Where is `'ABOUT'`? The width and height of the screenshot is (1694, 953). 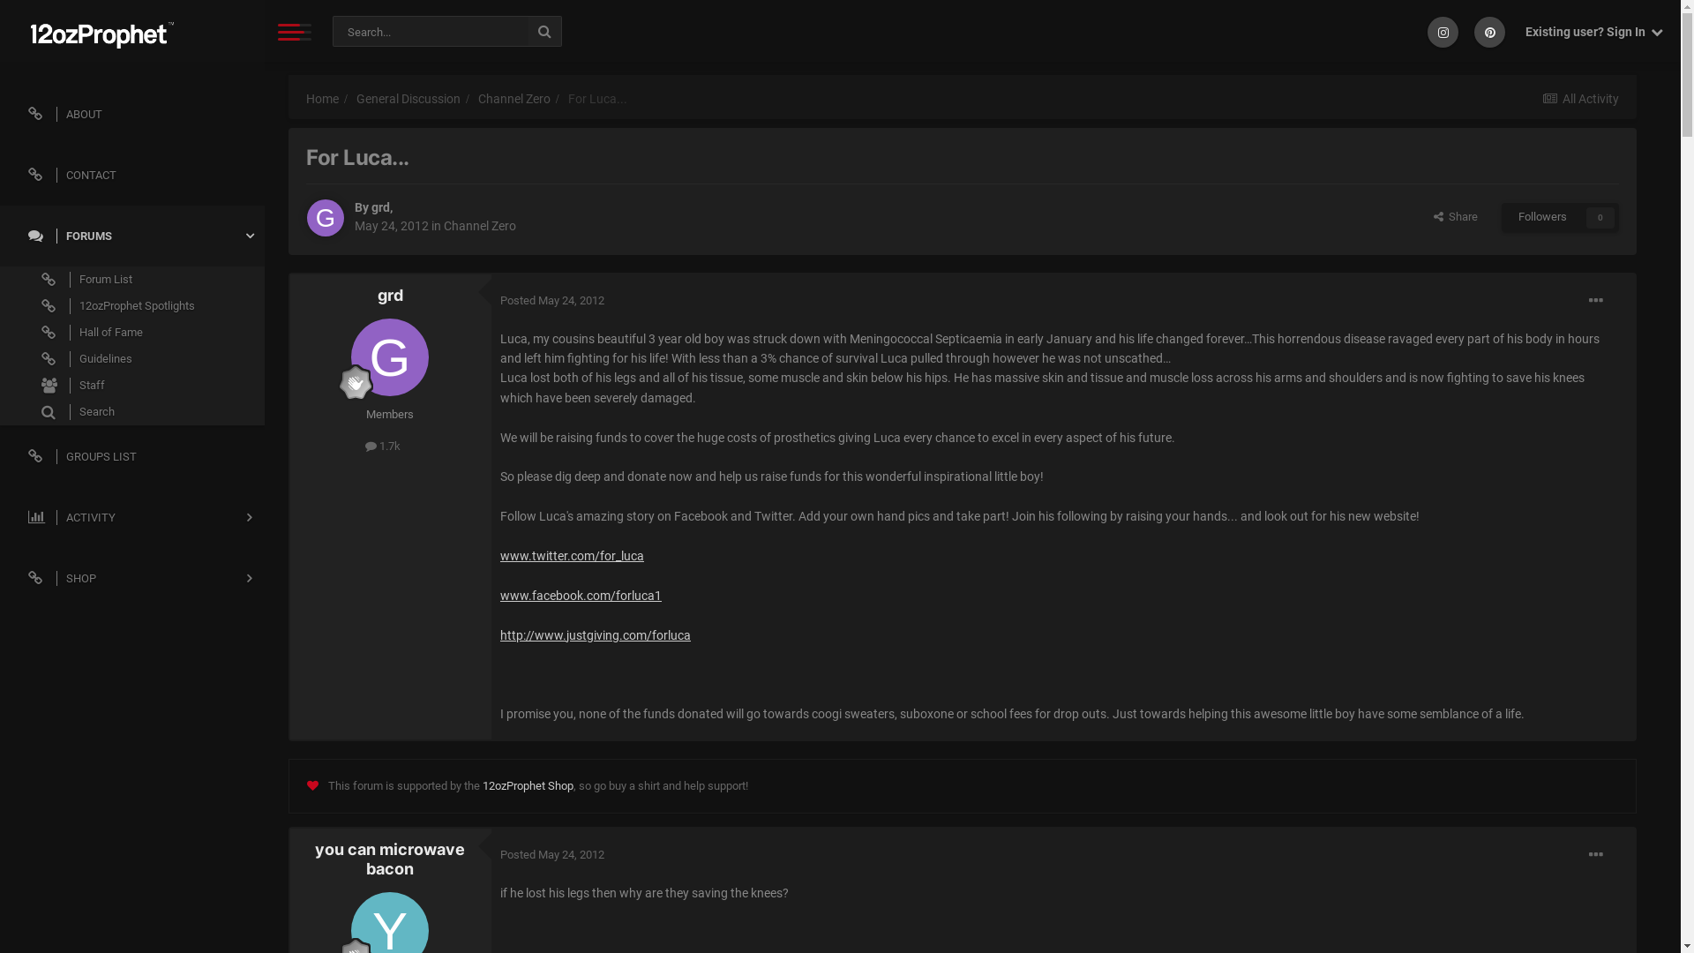
'ABOUT' is located at coordinates (131, 114).